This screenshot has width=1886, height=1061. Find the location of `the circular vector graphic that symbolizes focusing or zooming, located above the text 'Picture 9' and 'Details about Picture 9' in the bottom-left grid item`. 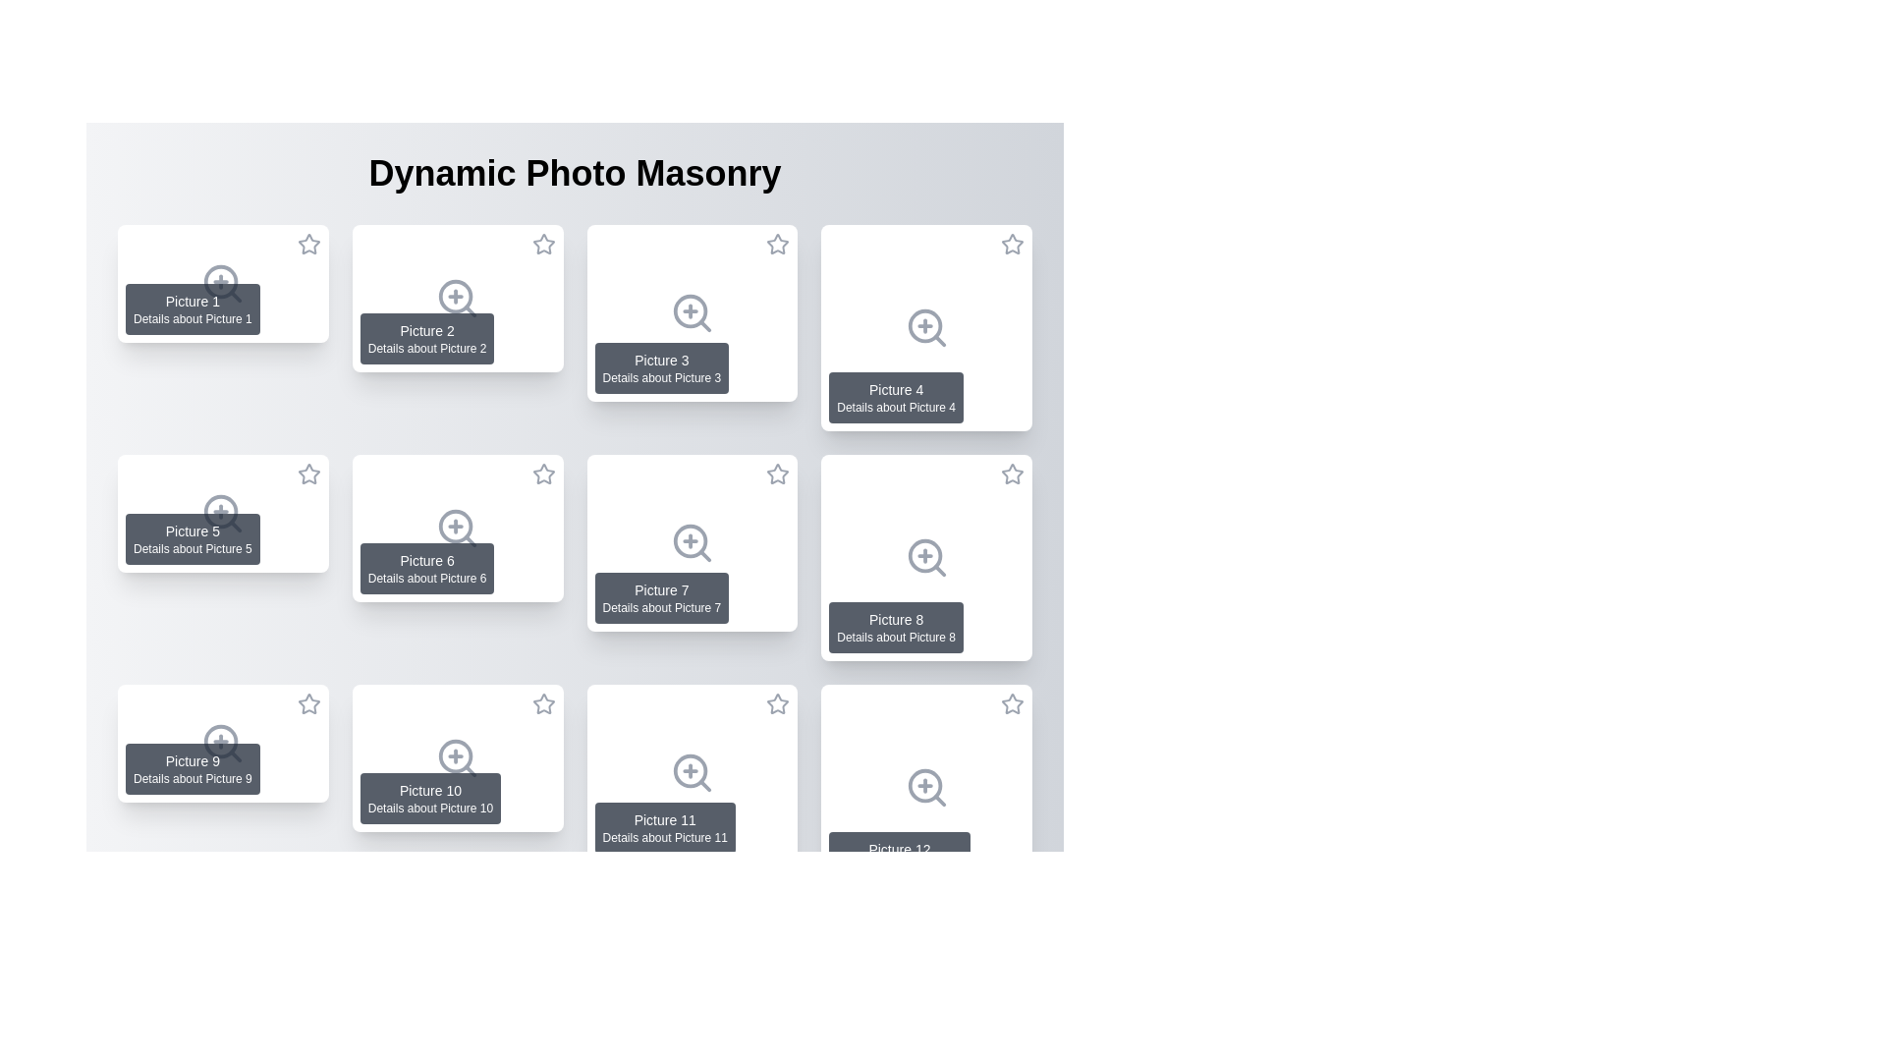

the circular vector graphic that symbolizes focusing or zooming, located above the text 'Picture 9' and 'Details about Picture 9' in the bottom-left grid item is located at coordinates (221, 742).